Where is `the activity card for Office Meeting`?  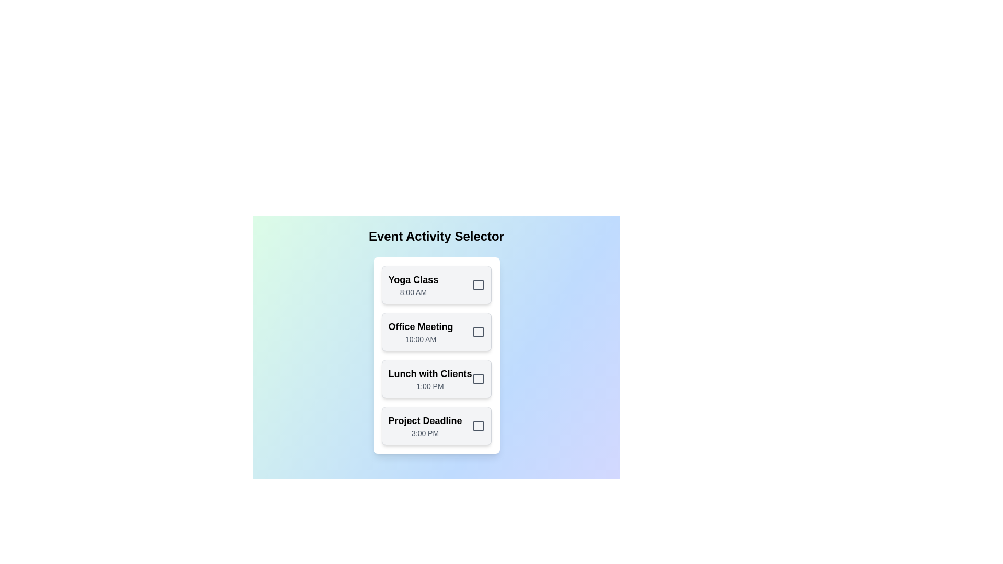
the activity card for Office Meeting is located at coordinates (436, 332).